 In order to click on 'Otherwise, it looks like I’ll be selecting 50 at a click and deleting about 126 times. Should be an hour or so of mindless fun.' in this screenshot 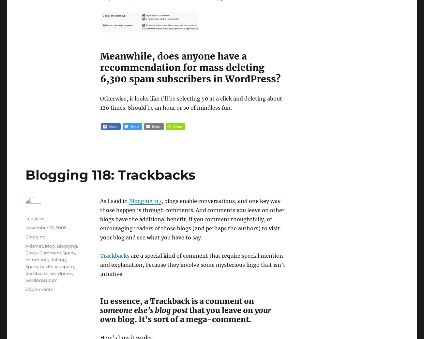, I will do `click(100, 103)`.